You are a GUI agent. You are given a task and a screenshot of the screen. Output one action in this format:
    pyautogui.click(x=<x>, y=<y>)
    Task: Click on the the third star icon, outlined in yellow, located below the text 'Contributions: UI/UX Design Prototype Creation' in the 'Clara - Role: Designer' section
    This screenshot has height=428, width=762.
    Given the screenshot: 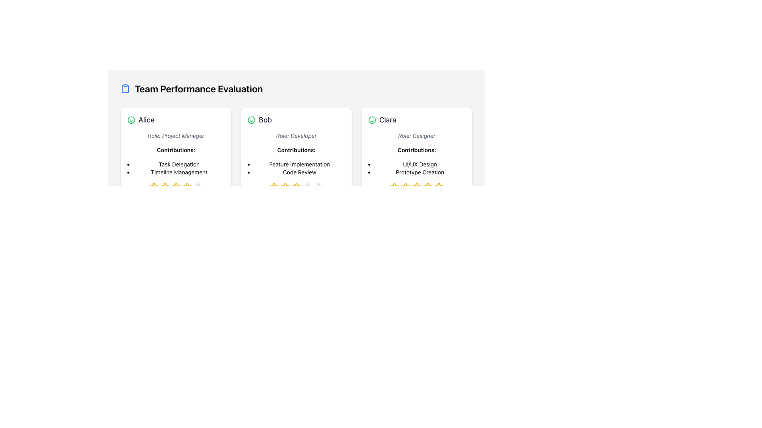 What is the action you would take?
    pyautogui.click(x=406, y=187)
    